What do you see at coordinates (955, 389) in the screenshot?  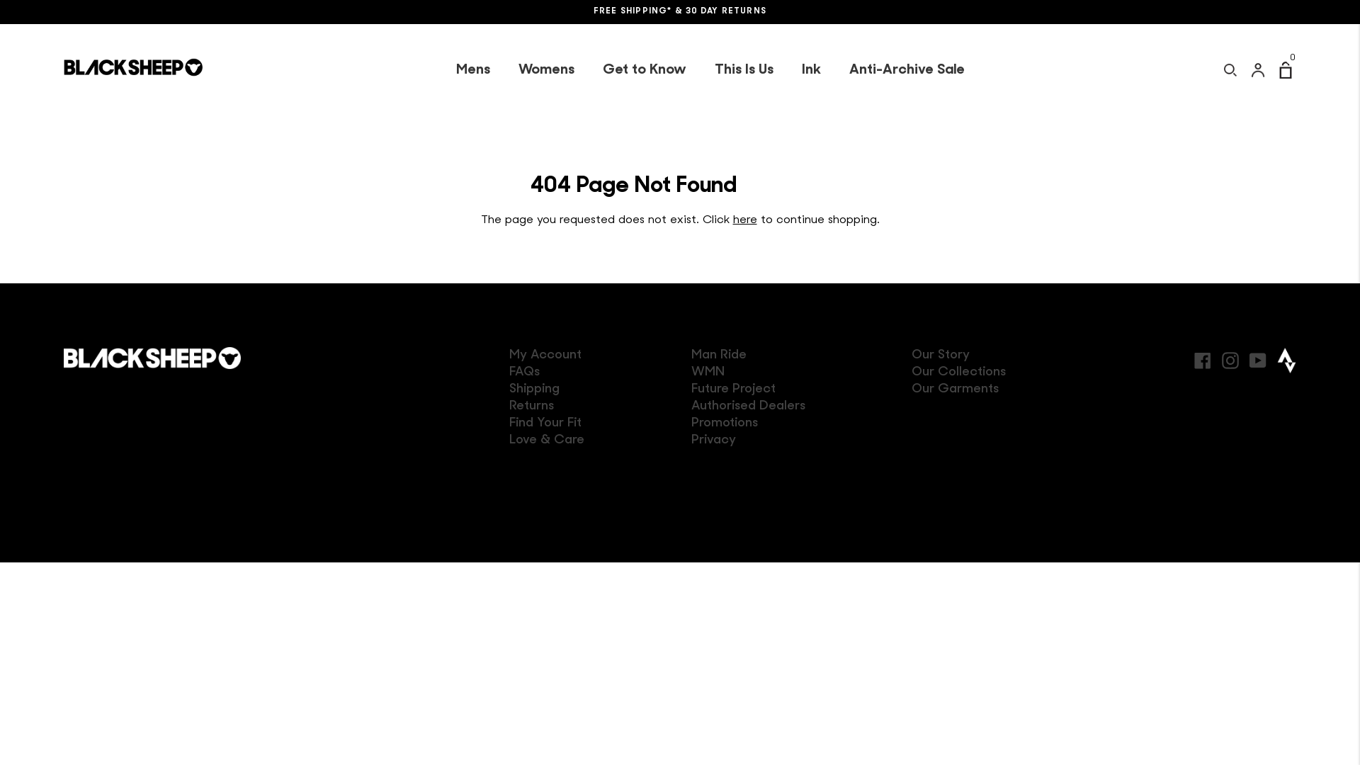 I see `'Our Garments'` at bounding box center [955, 389].